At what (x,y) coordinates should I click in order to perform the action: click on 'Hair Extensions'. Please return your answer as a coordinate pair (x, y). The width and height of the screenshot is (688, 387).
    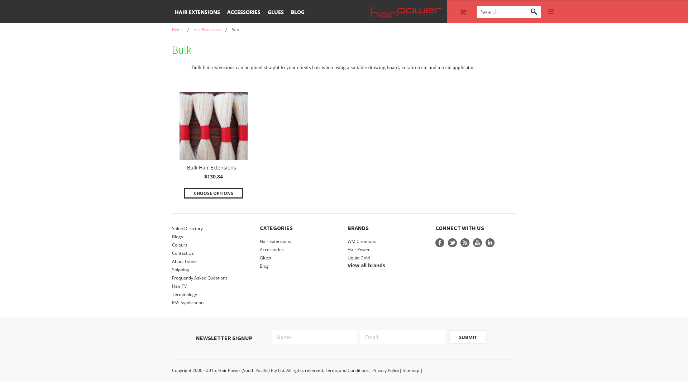
    Looking at the image, I should click on (300, 241).